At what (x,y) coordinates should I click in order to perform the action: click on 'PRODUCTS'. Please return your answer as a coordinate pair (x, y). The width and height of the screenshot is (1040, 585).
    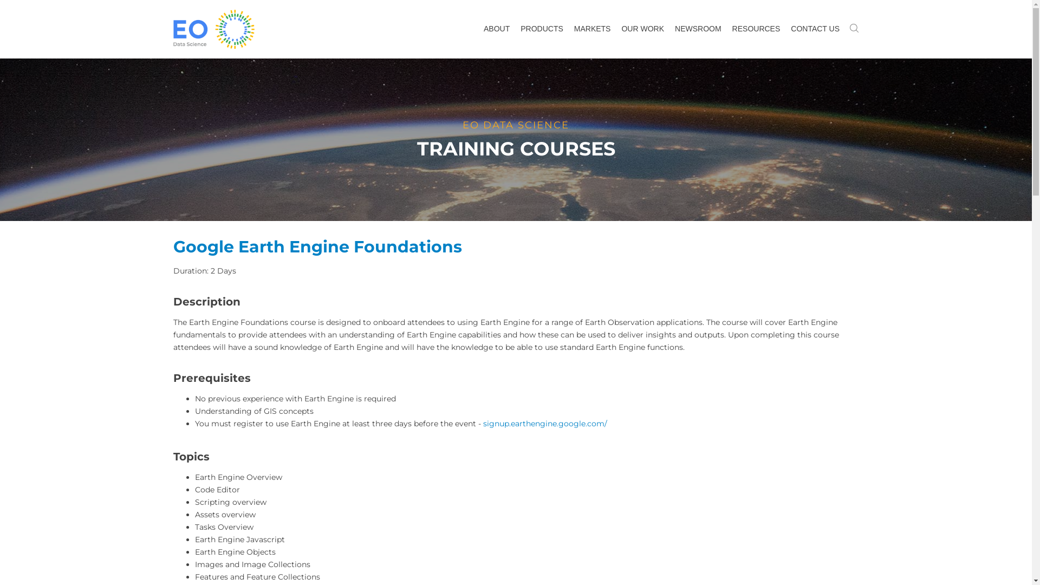
    Looking at the image, I should click on (514, 28).